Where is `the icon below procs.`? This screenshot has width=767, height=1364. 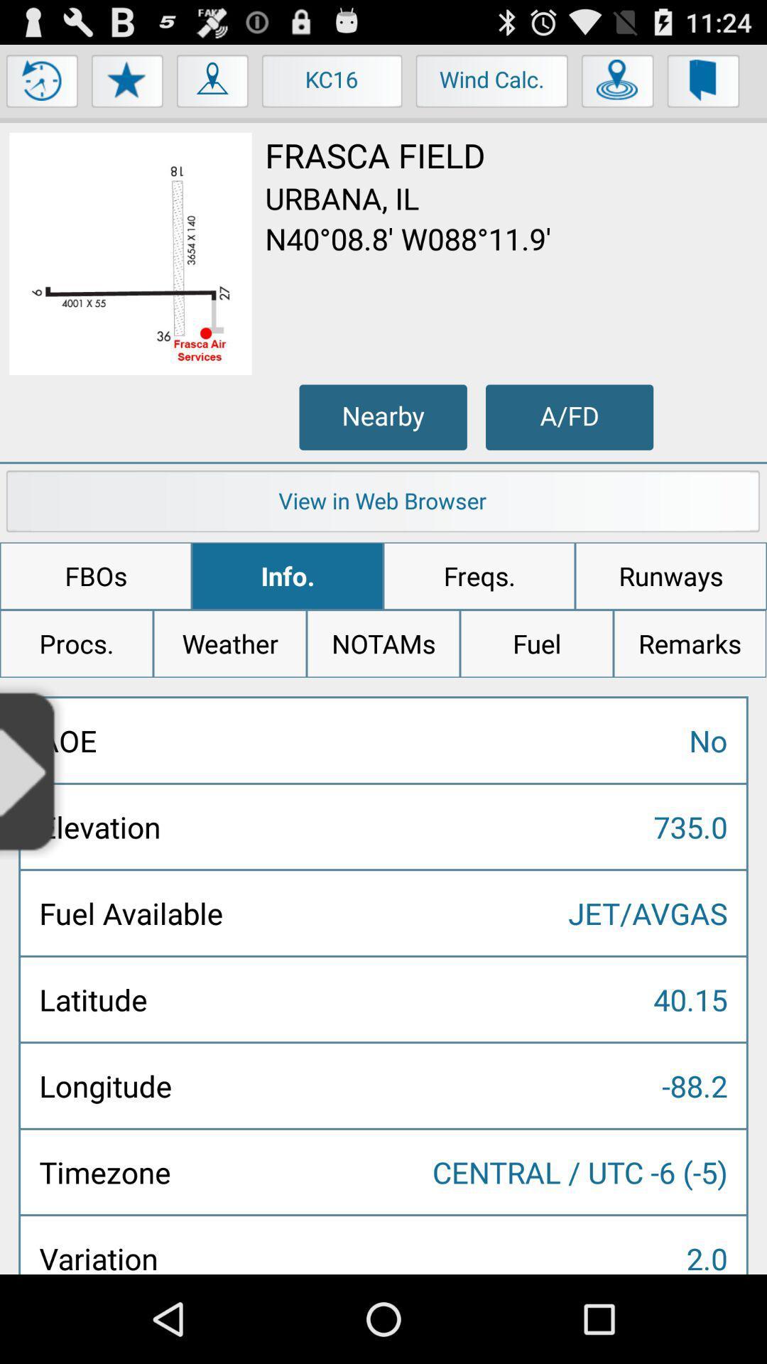
the icon below procs. is located at coordinates (33, 769).